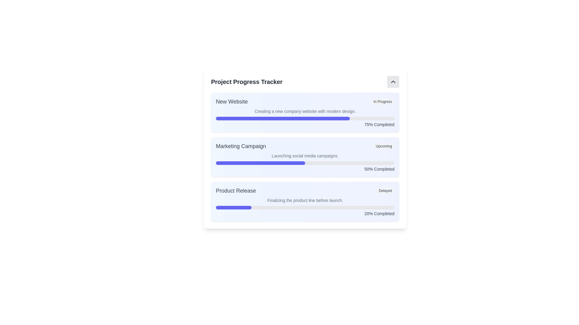 The image size is (579, 325). What do you see at coordinates (305, 155) in the screenshot?
I see `the static text element that describes the current activity related to the 'Marketing Campaign', which is positioned below the title 'Marketing Campaign' and above the progress bar` at bounding box center [305, 155].